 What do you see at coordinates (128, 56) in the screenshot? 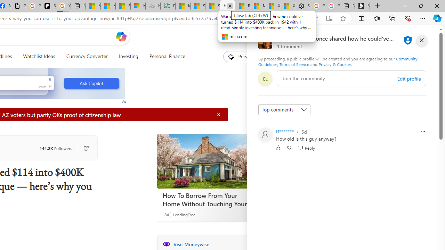
I see `'Investing'` at bounding box center [128, 56].